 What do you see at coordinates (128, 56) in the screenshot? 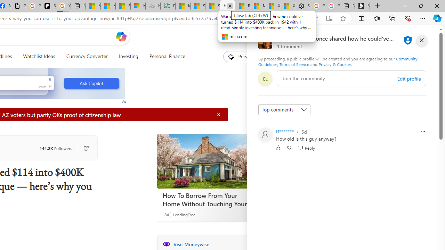
I see `'Investing'` at bounding box center [128, 56].